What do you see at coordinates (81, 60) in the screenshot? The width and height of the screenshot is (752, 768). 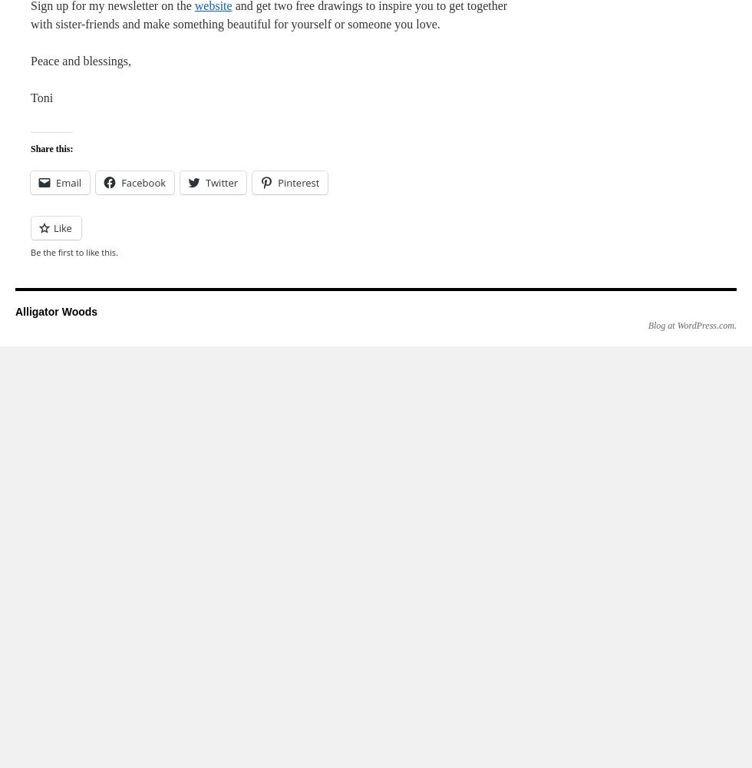 I see `'Peace and blessings,'` at bounding box center [81, 60].